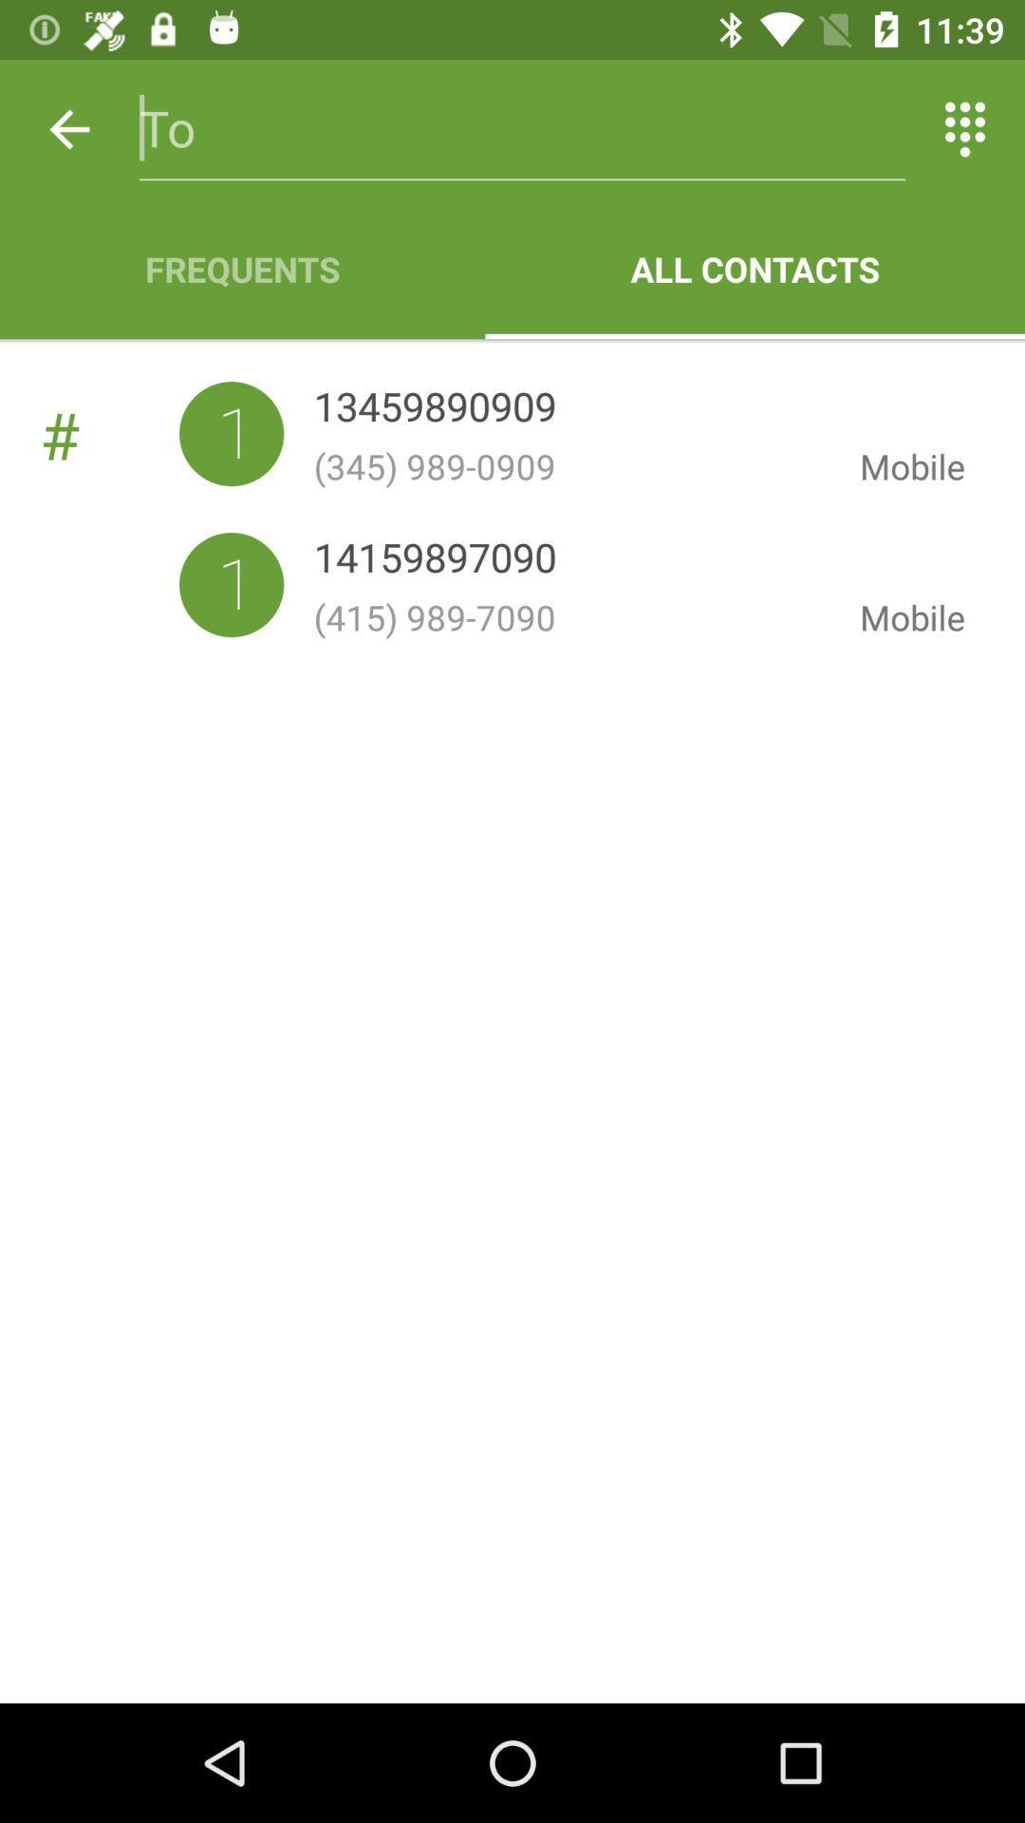 The image size is (1025, 1823). What do you see at coordinates (241, 268) in the screenshot?
I see `frequents icon` at bounding box center [241, 268].